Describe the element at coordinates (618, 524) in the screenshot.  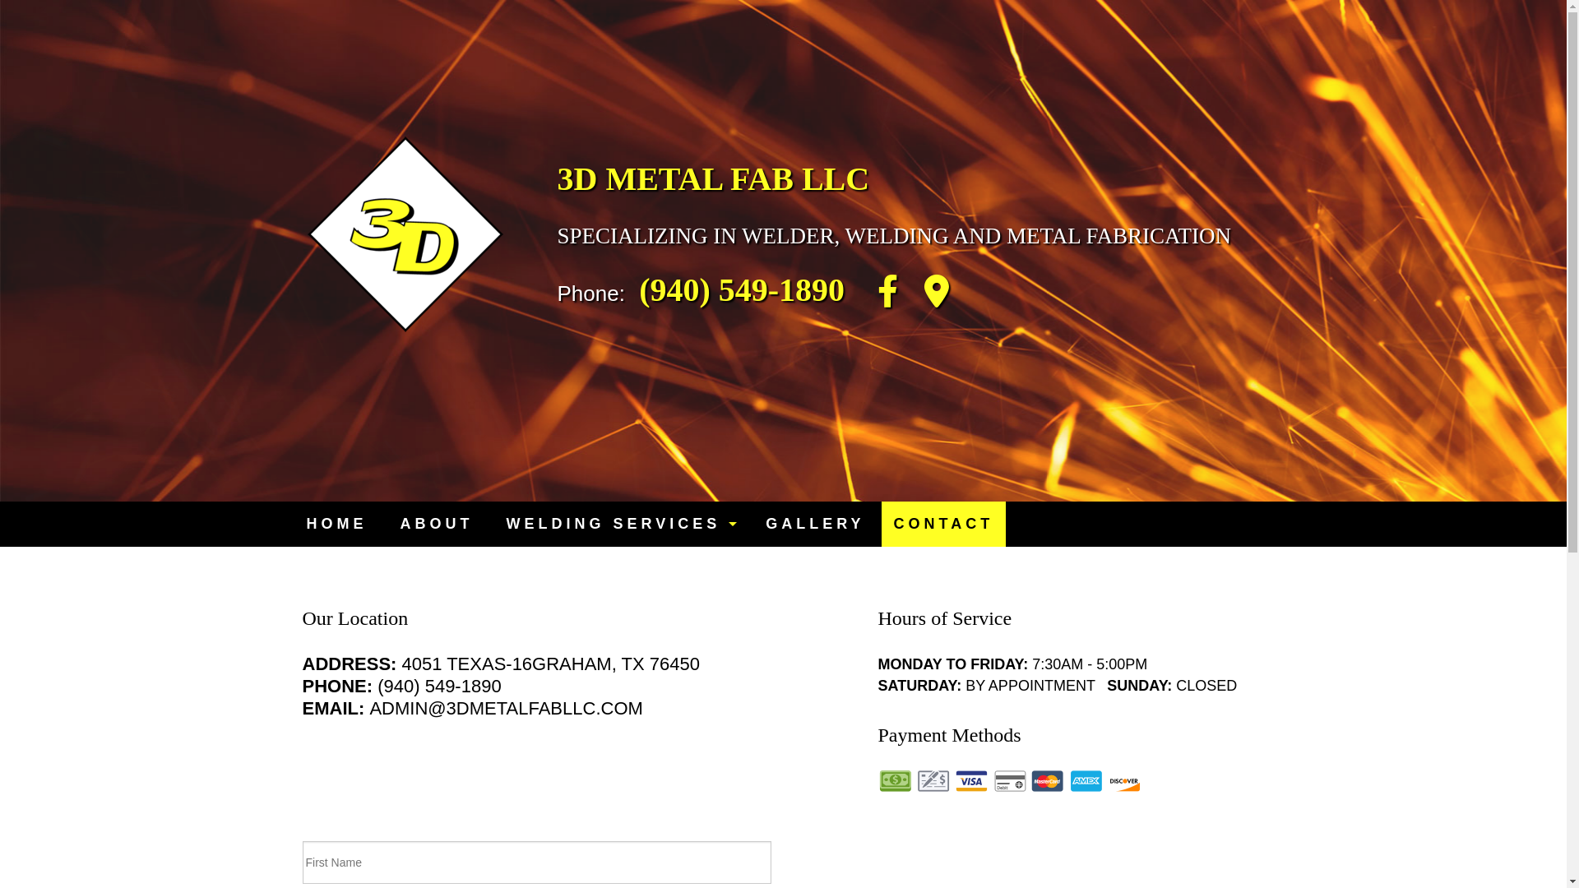
I see `'WELDING SERVICES'` at that location.